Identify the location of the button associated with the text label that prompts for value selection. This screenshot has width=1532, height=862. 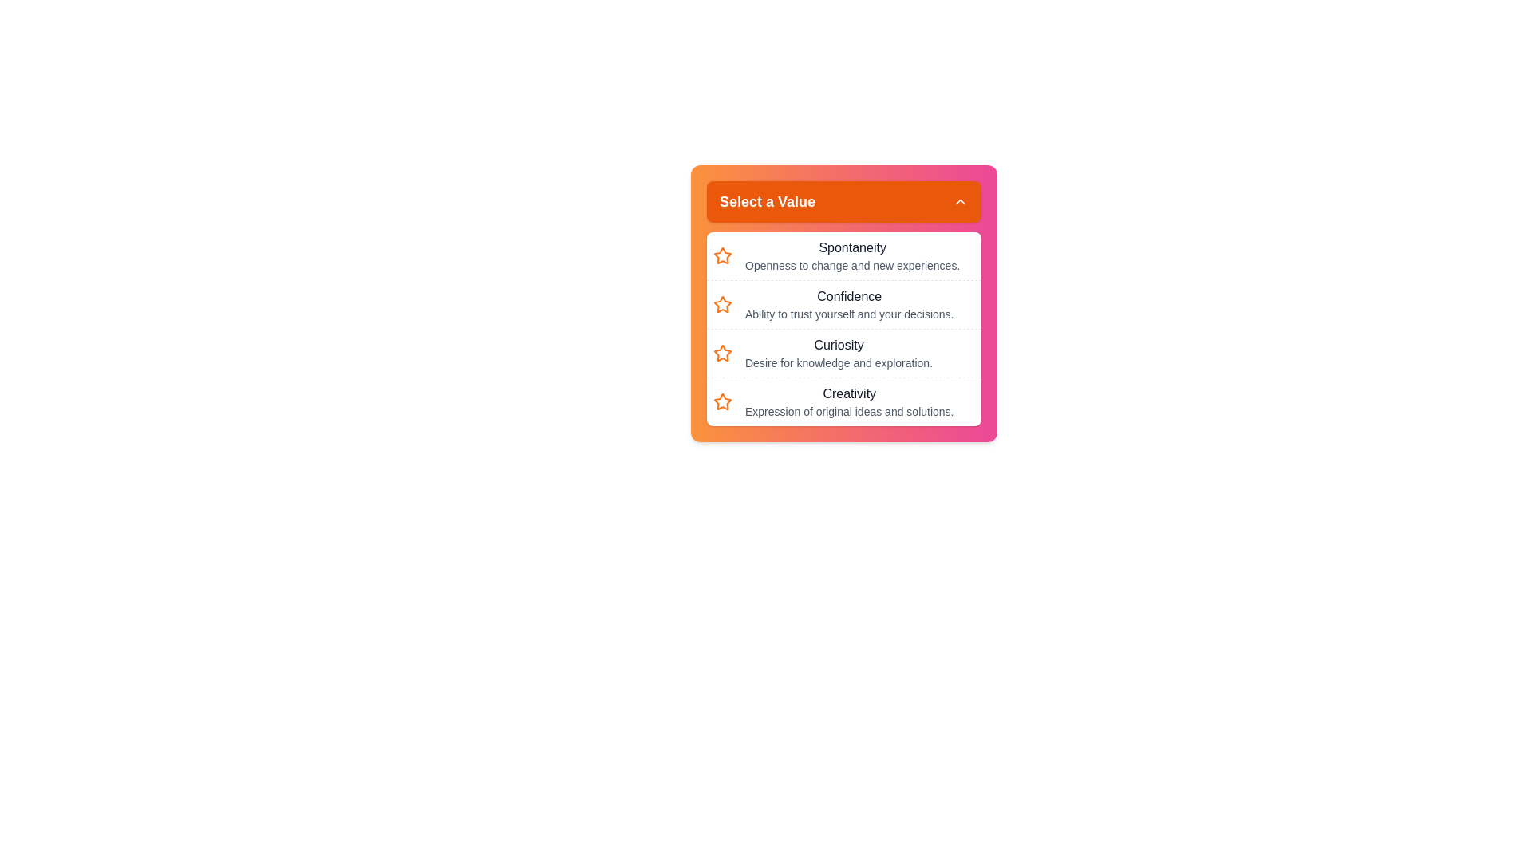
(768, 201).